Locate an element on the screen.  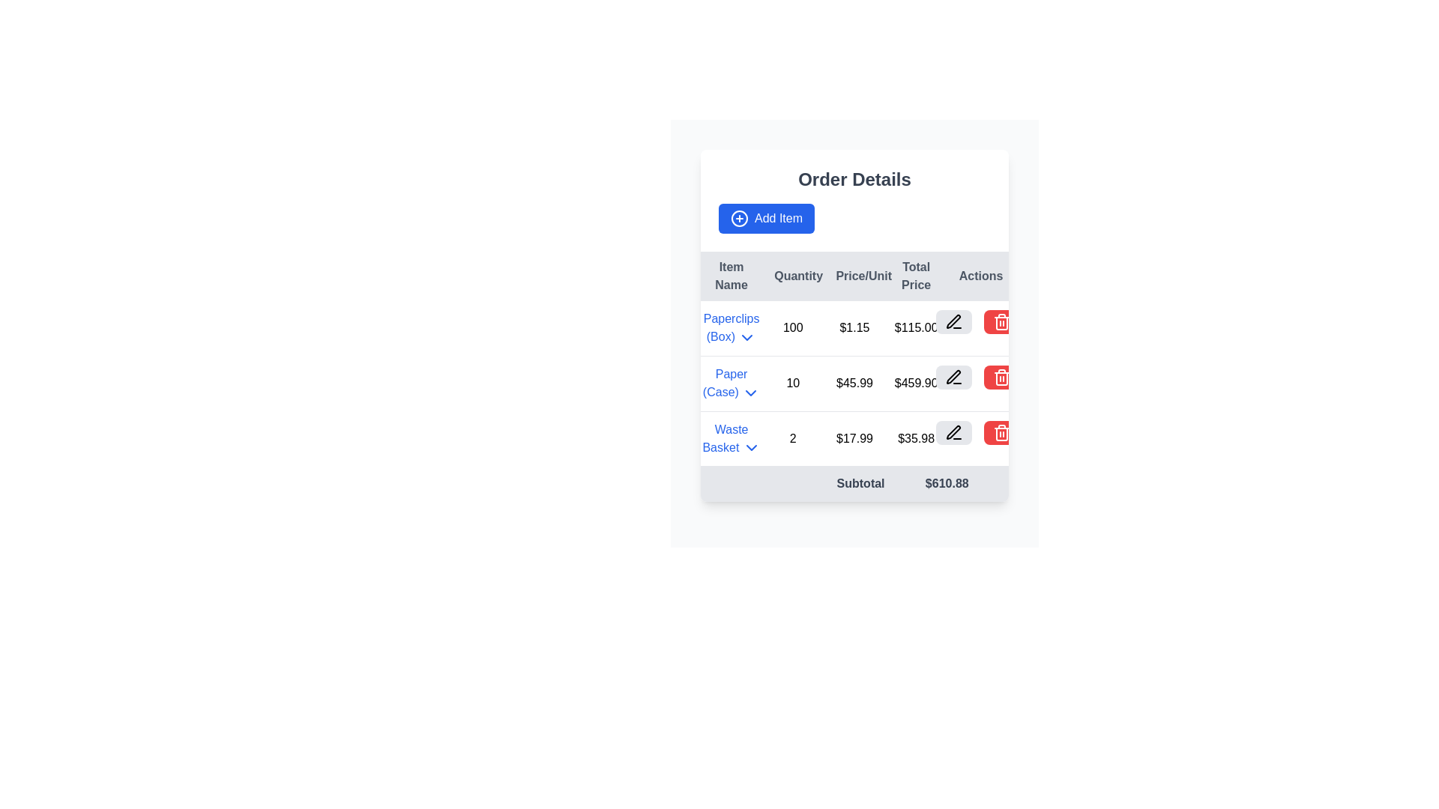
the chevron-down dropdown indicator icon next to the 'Waste Basket' text is located at coordinates (751, 447).